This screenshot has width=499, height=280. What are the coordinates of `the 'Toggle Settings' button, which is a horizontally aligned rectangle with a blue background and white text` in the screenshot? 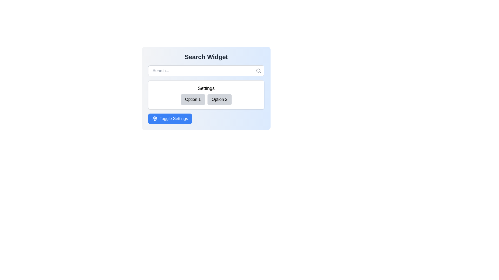 It's located at (170, 119).